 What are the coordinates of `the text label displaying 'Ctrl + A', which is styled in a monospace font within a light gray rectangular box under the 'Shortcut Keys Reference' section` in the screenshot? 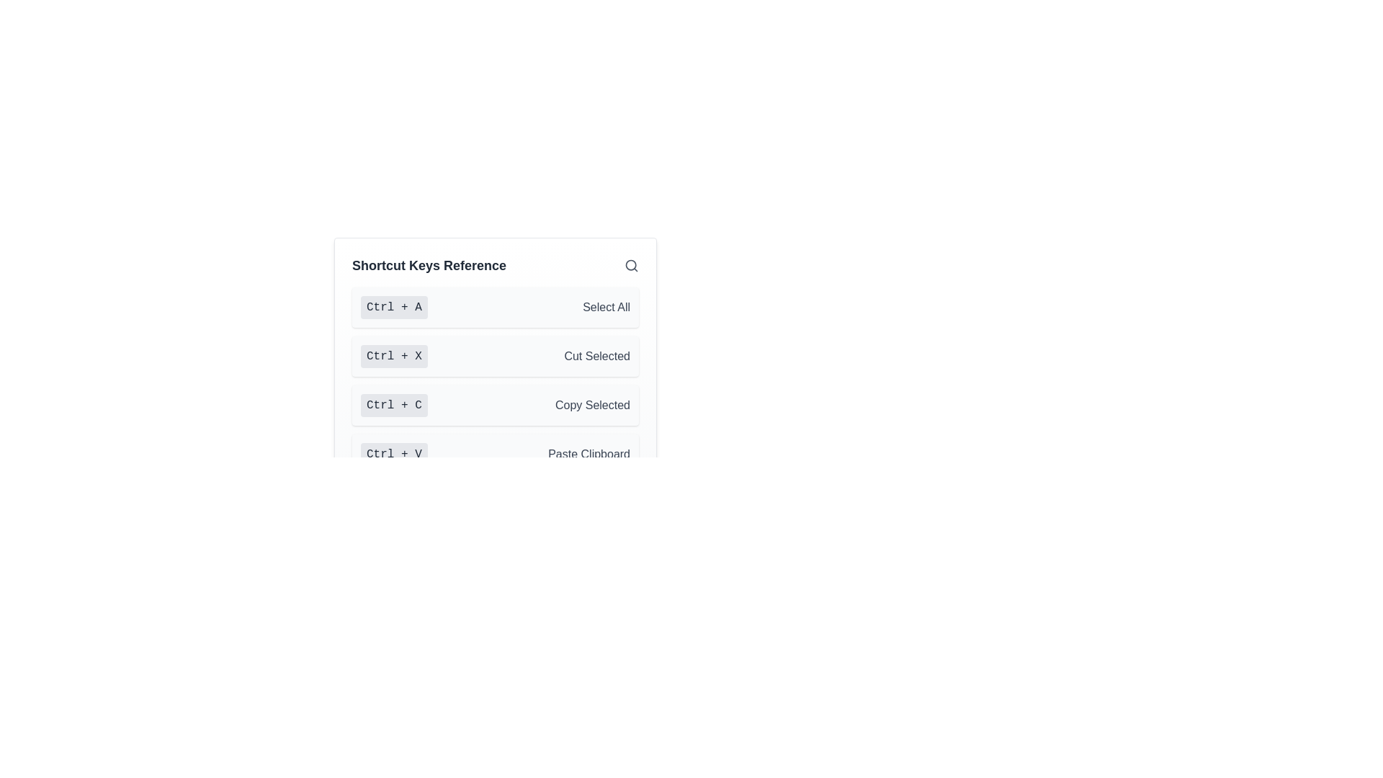 It's located at (394, 307).